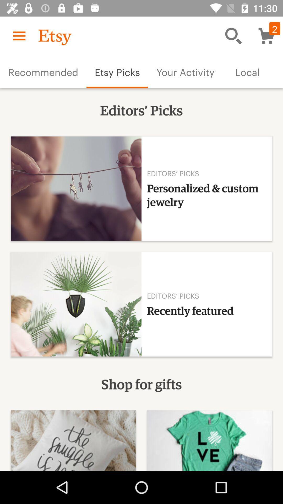 This screenshot has width=283, height=504. What do you see at coordinates (73, 440) in the screenshot?
I see `the first image at bottom left corner` at bounding box center [73, 440].